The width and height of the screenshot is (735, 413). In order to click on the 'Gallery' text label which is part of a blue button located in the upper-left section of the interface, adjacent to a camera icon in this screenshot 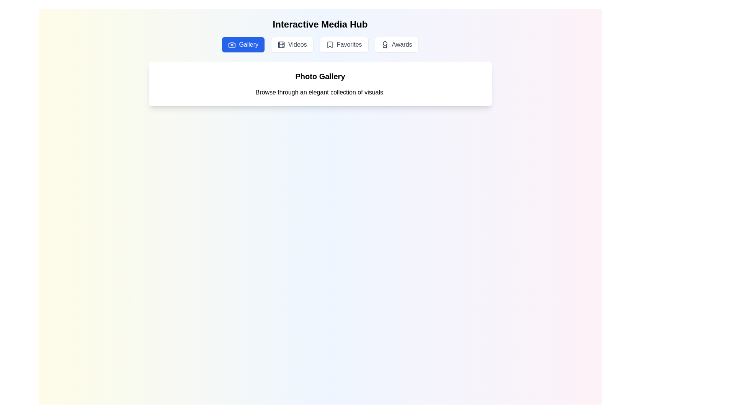, I will do `click(248, 44)`.